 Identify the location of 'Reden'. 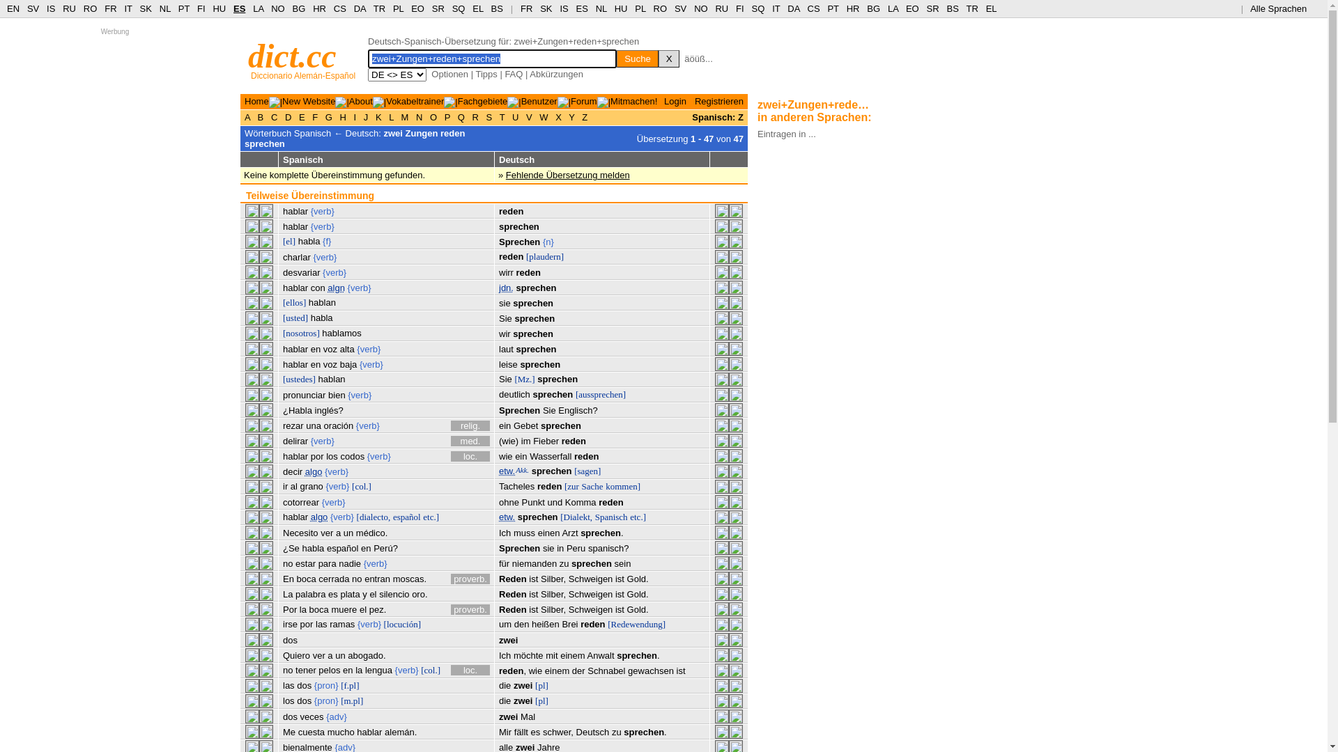
(512, 579).